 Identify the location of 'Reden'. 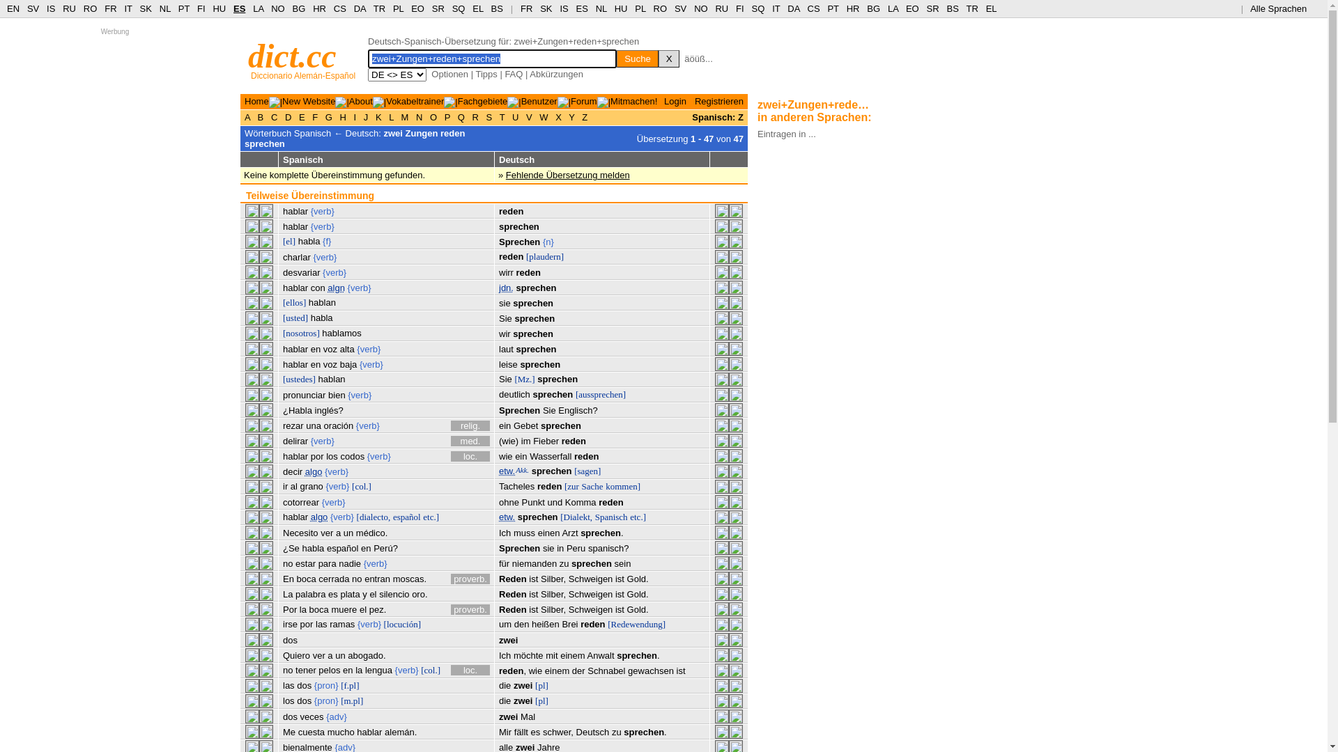
(512, 579).